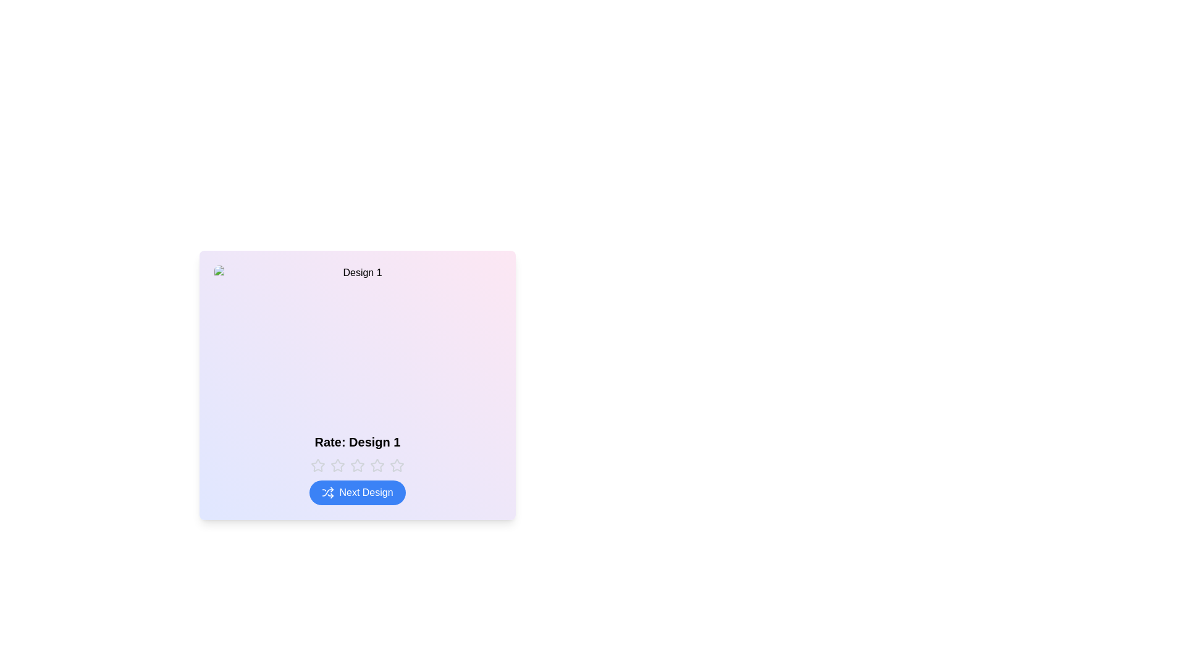 The width and height of the screenshot is (1186, 667). What do you see at coordinates (357, 492) in the screenshot?
I see `the 'Next Design' button to navigate to the next design` at bounding box center [357, 492].